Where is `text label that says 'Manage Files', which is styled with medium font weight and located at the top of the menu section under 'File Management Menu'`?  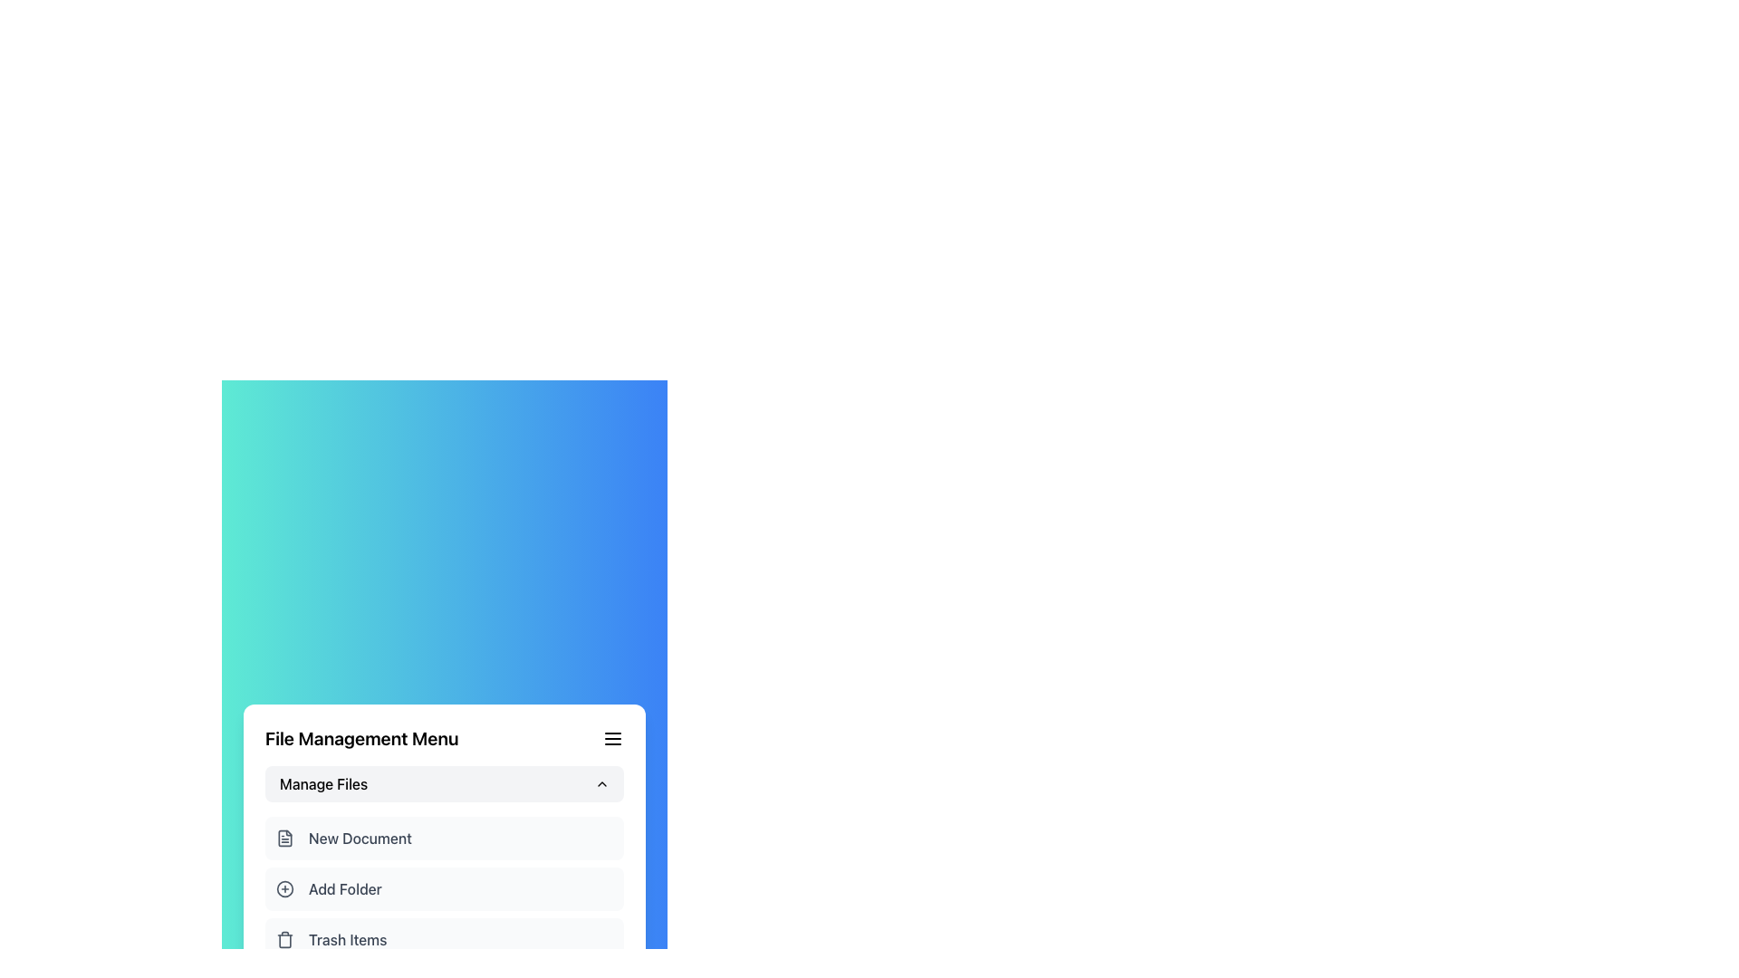 text label that says 'Manage Files', which is styled with medium font weight and located at the top of the menu section under 'File Management Menu' is located at coordinates (323, 783).